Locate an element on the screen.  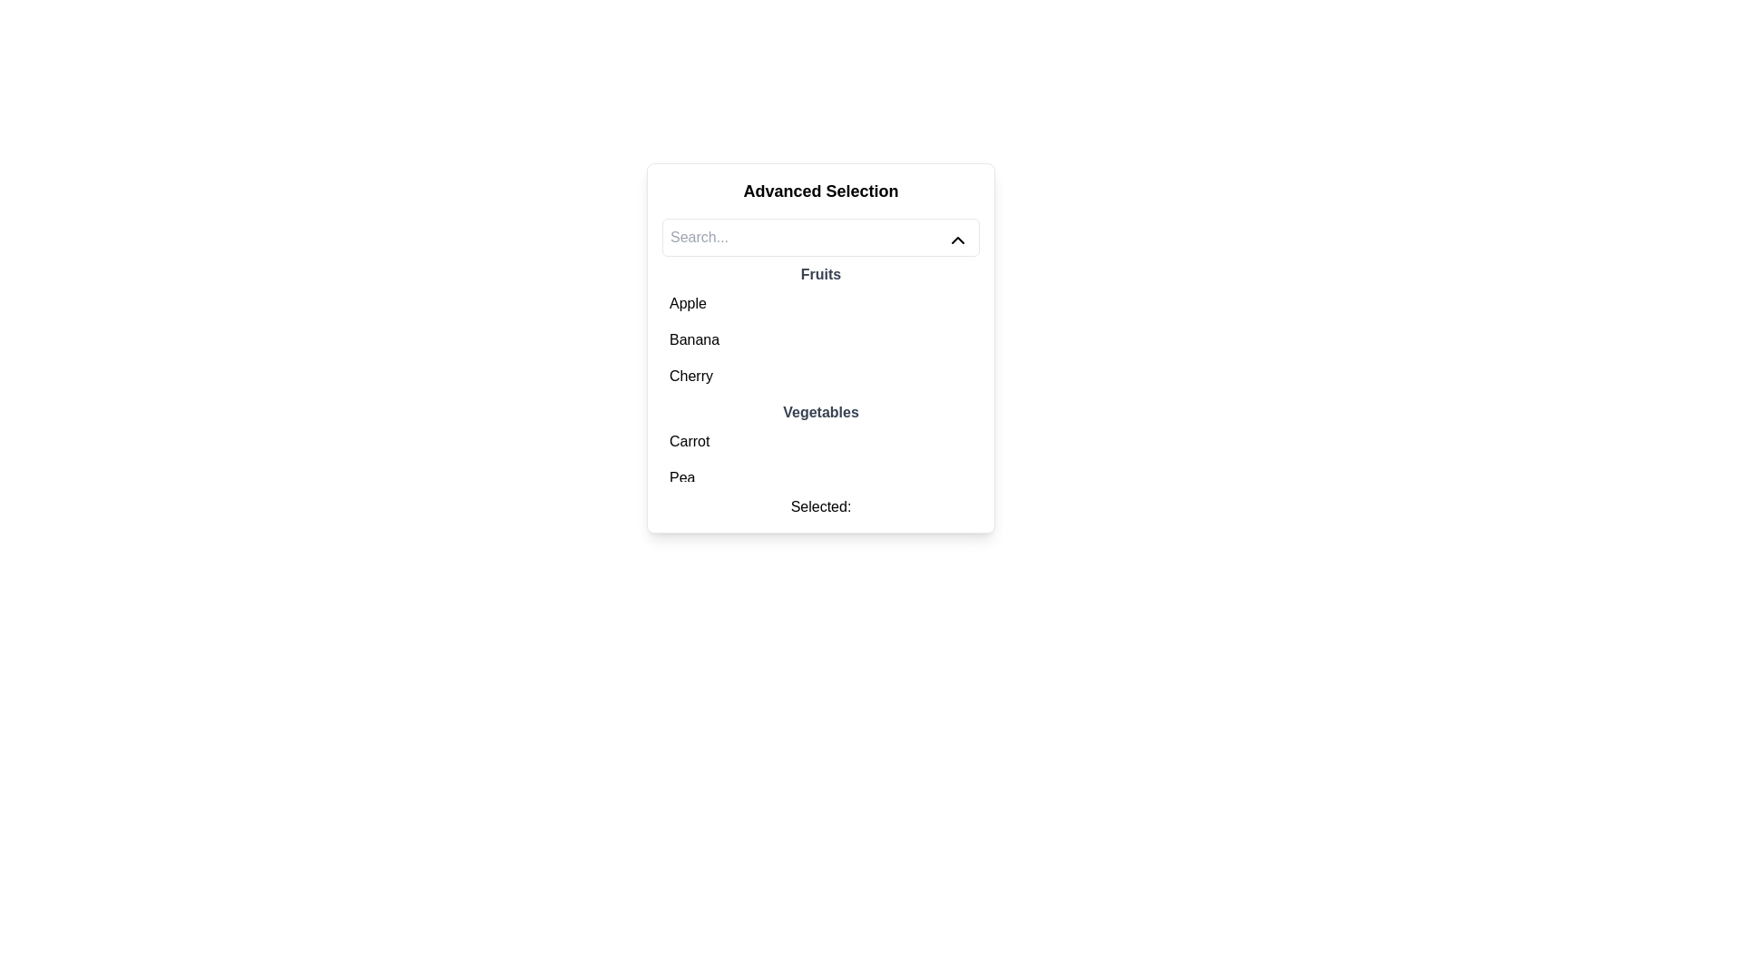
the text label displaying 'Apple' is located at coordinates (687, 303).